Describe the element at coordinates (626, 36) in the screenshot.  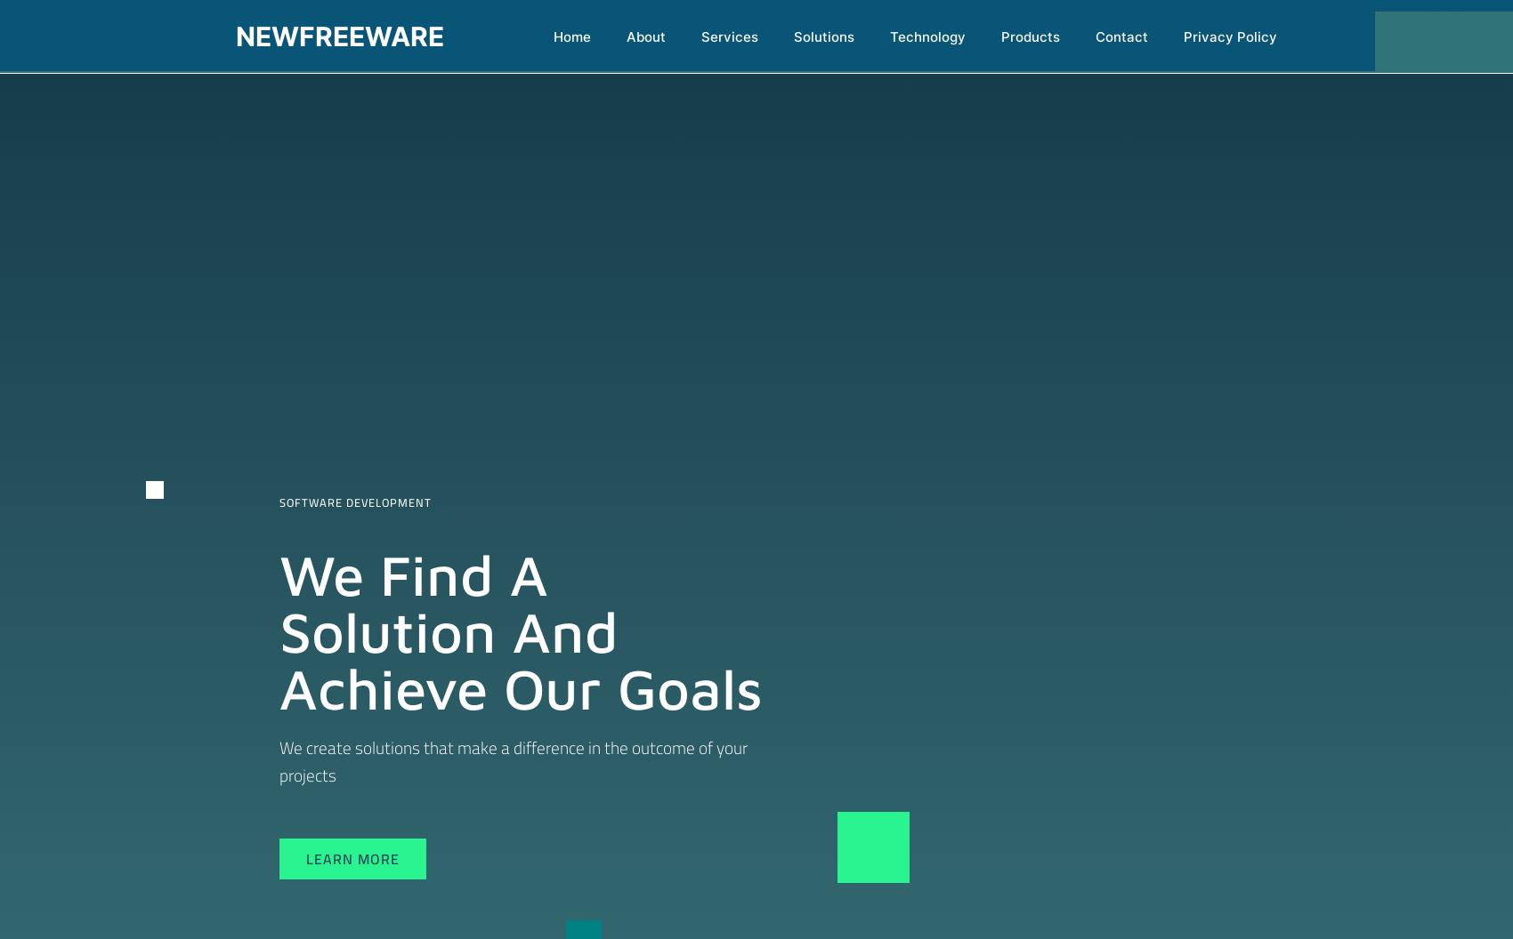
I see `'About'` at that location.